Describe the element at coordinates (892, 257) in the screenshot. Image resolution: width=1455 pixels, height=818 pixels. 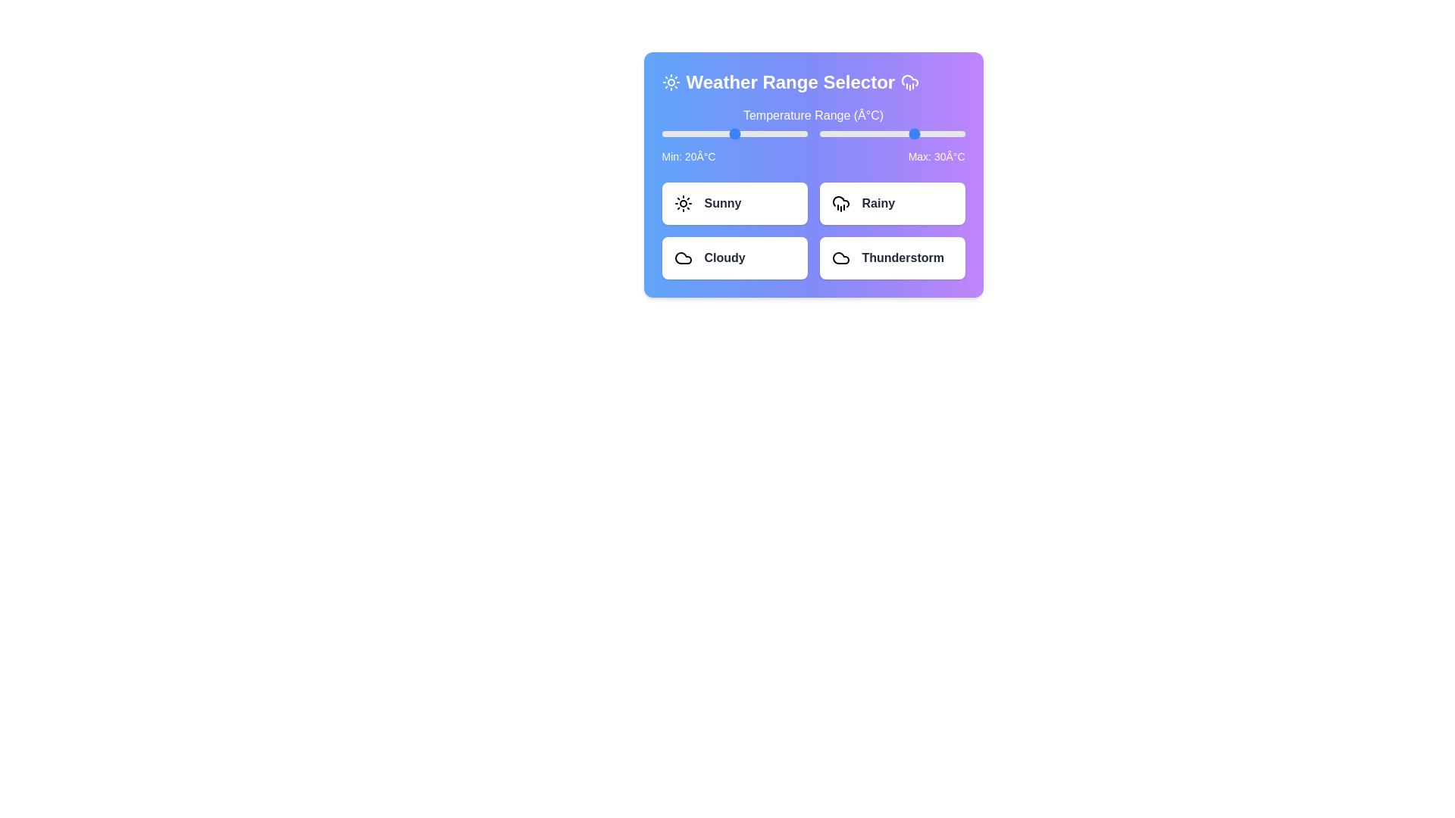
I see `the 'Thunderstorm' button to select it` at that location.